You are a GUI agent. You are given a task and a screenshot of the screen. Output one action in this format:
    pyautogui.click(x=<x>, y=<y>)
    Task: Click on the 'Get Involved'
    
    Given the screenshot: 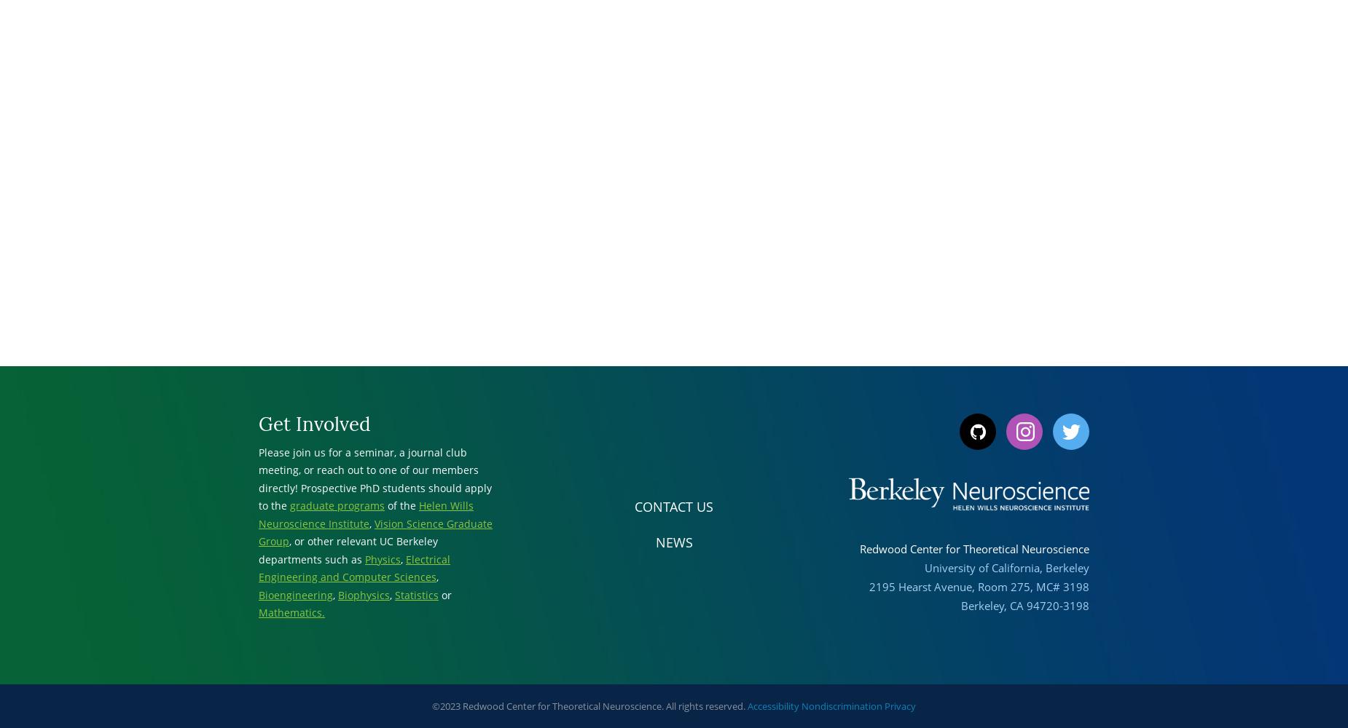 What is the action you would take?
    pyautogui.click(x=313, y=424)
    